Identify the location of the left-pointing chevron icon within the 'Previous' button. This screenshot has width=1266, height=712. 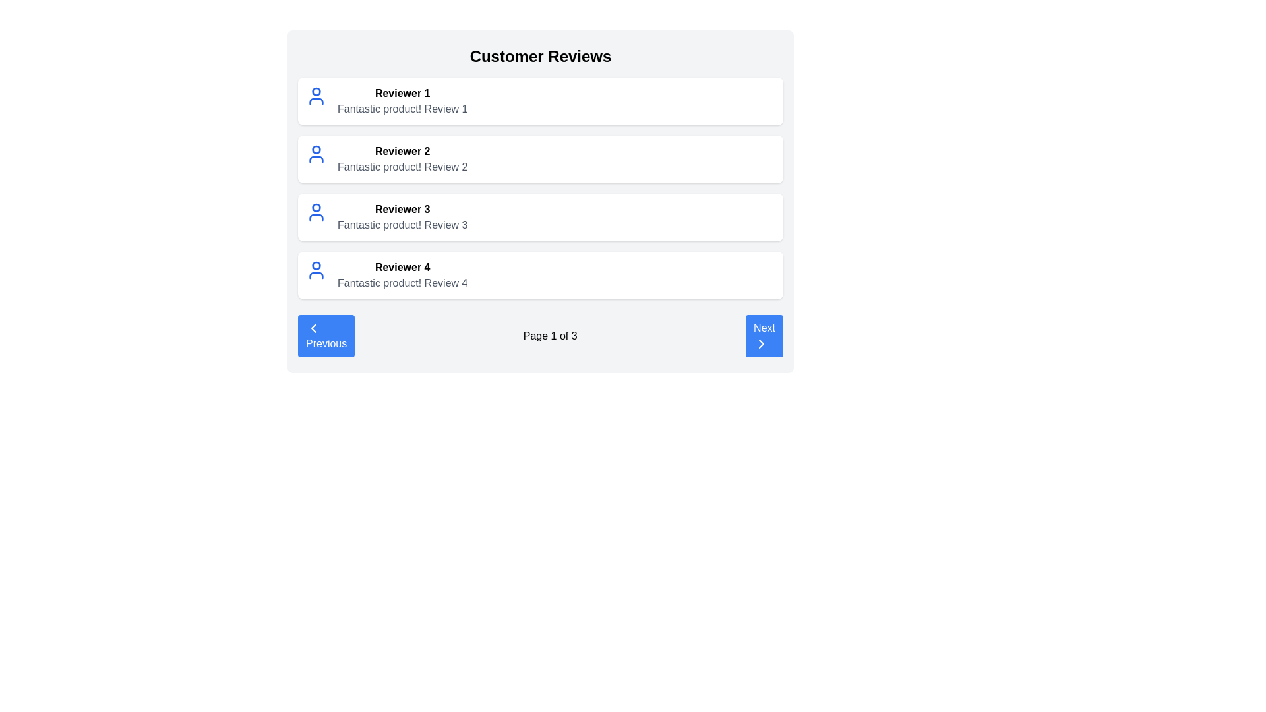
(313, 327).